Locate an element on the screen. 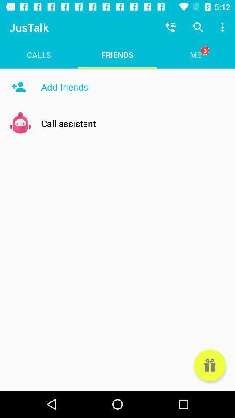  the gift icon is located at coordinates (209, 365).